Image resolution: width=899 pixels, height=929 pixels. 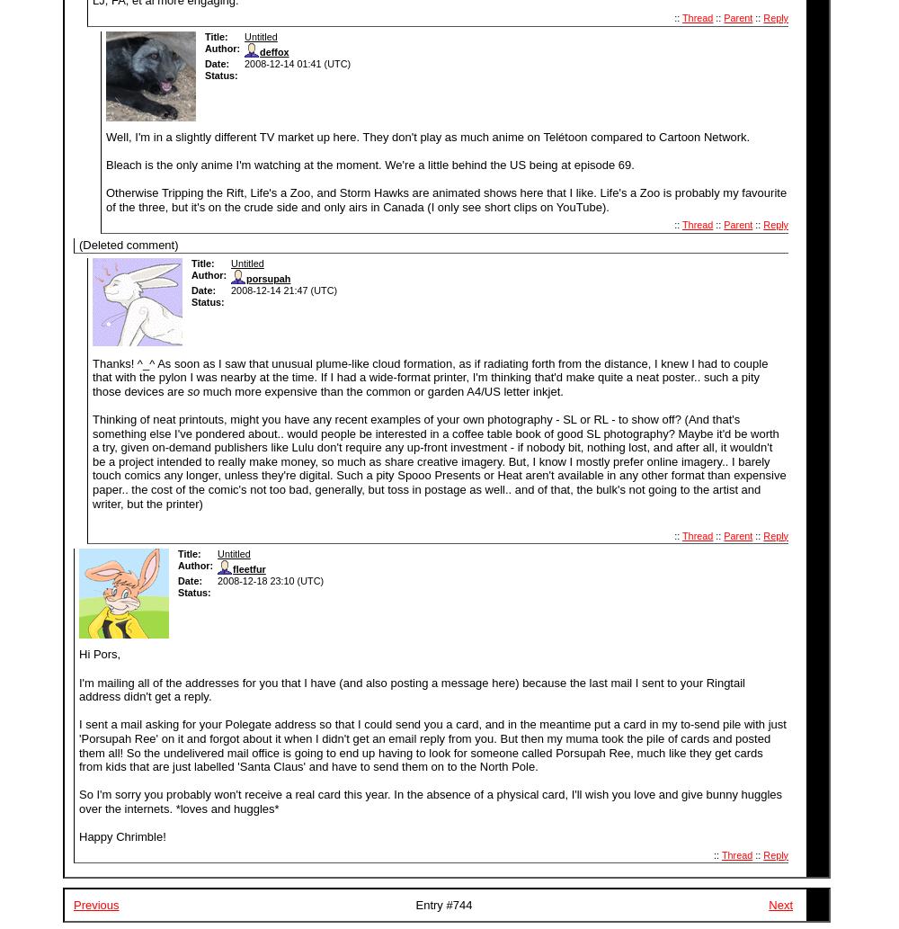 I want to click on 'Thanks! ^_^  As soon as I saw that unusual plume-like cloud formation, as if radiating forth from the distance, I knew I had to couple that with the pylon I was nearby at the time. If I had a wide-format printer, I'm thinking that'd make quite a neat poster.. such a pity those devices are', so click(x=429, y=376).